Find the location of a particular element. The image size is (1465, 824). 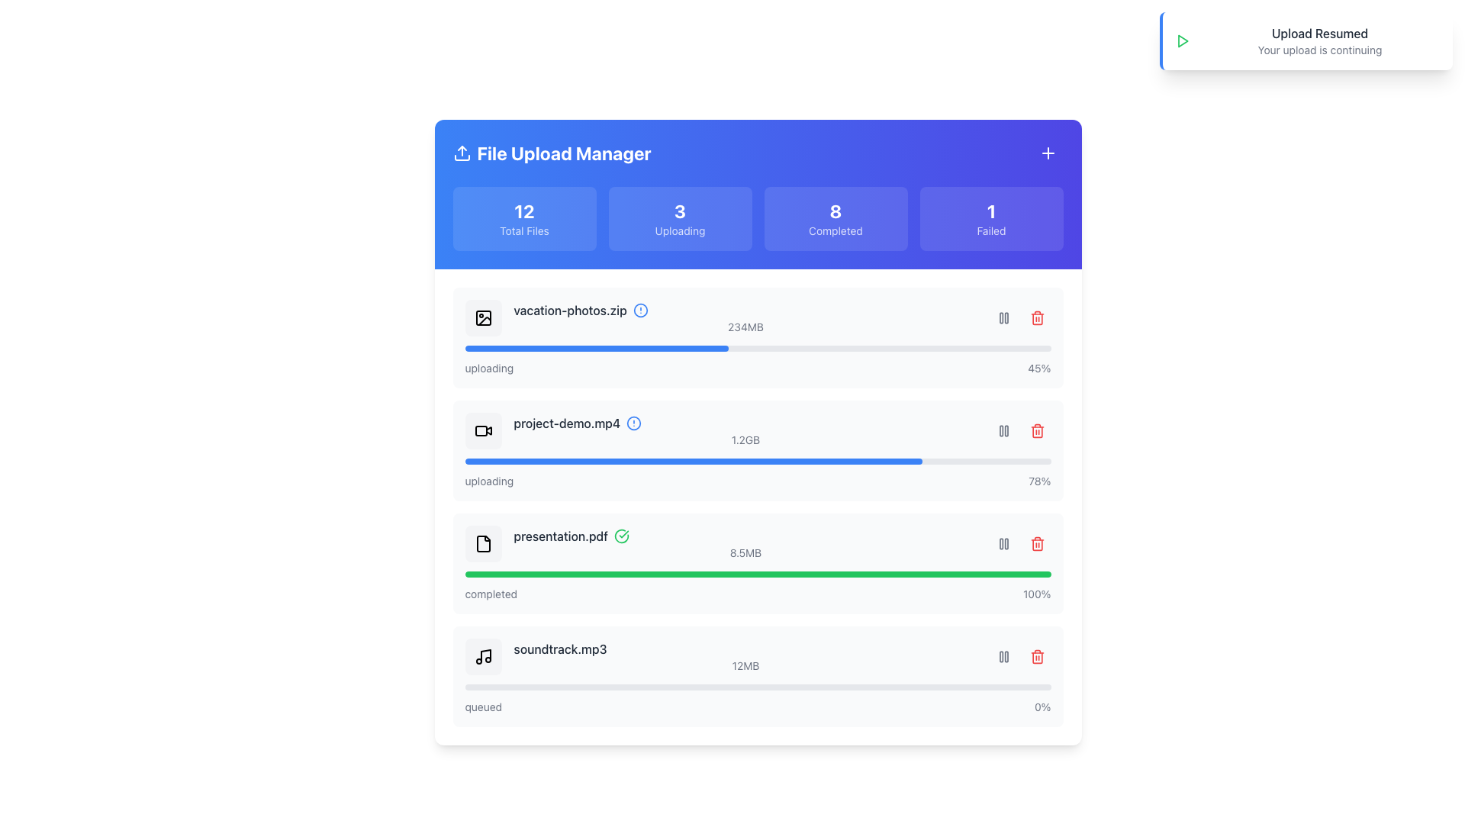

the pause icon button, which consists of two vertical rectangles in gray, located in the right section of the file list entry for 'soundtrack.mp3', adjacent to a trash icon is located at coordinates (1003, 655).